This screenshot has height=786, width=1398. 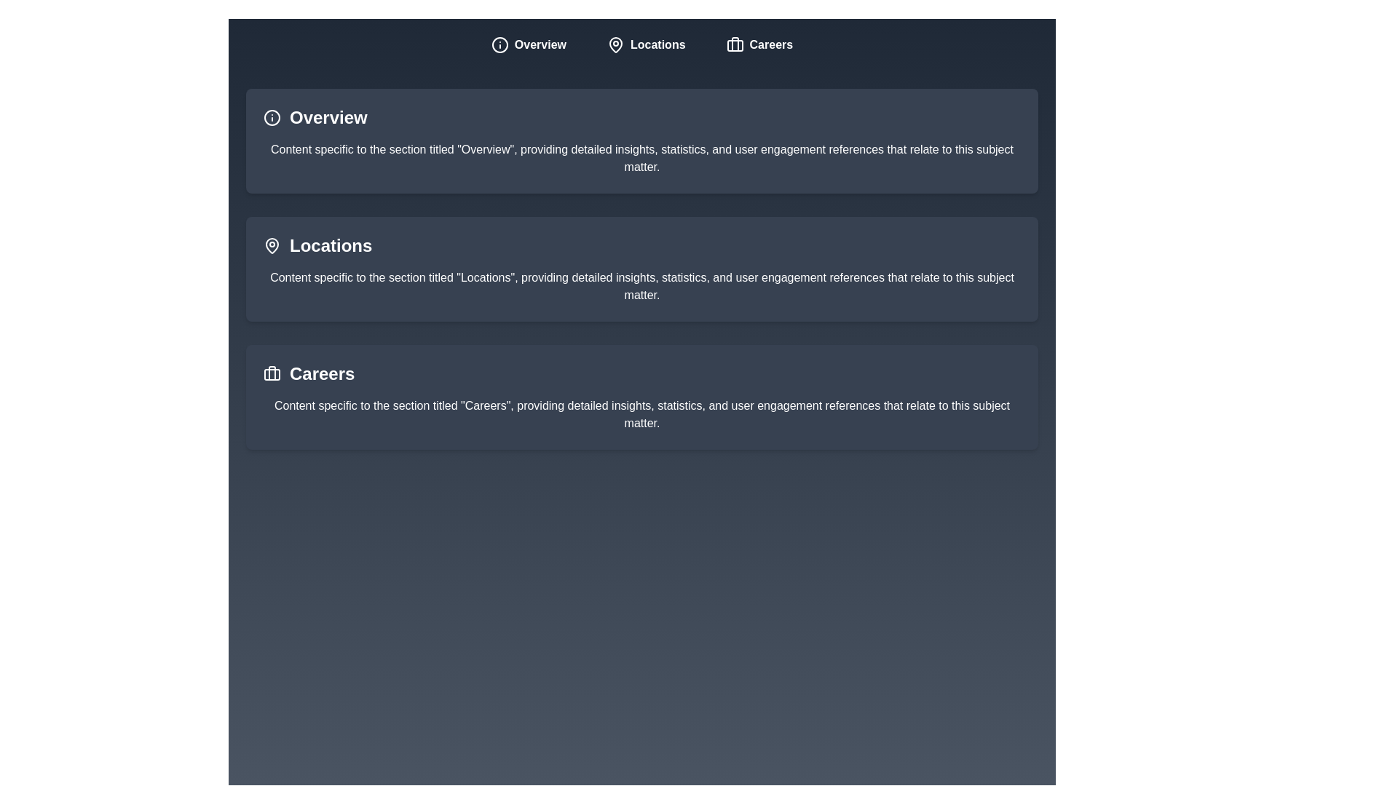 I want to click on the map pin icon located in the header navigation bar, positioned to the left of the 'Locations' text, so click(x=615, y=44).